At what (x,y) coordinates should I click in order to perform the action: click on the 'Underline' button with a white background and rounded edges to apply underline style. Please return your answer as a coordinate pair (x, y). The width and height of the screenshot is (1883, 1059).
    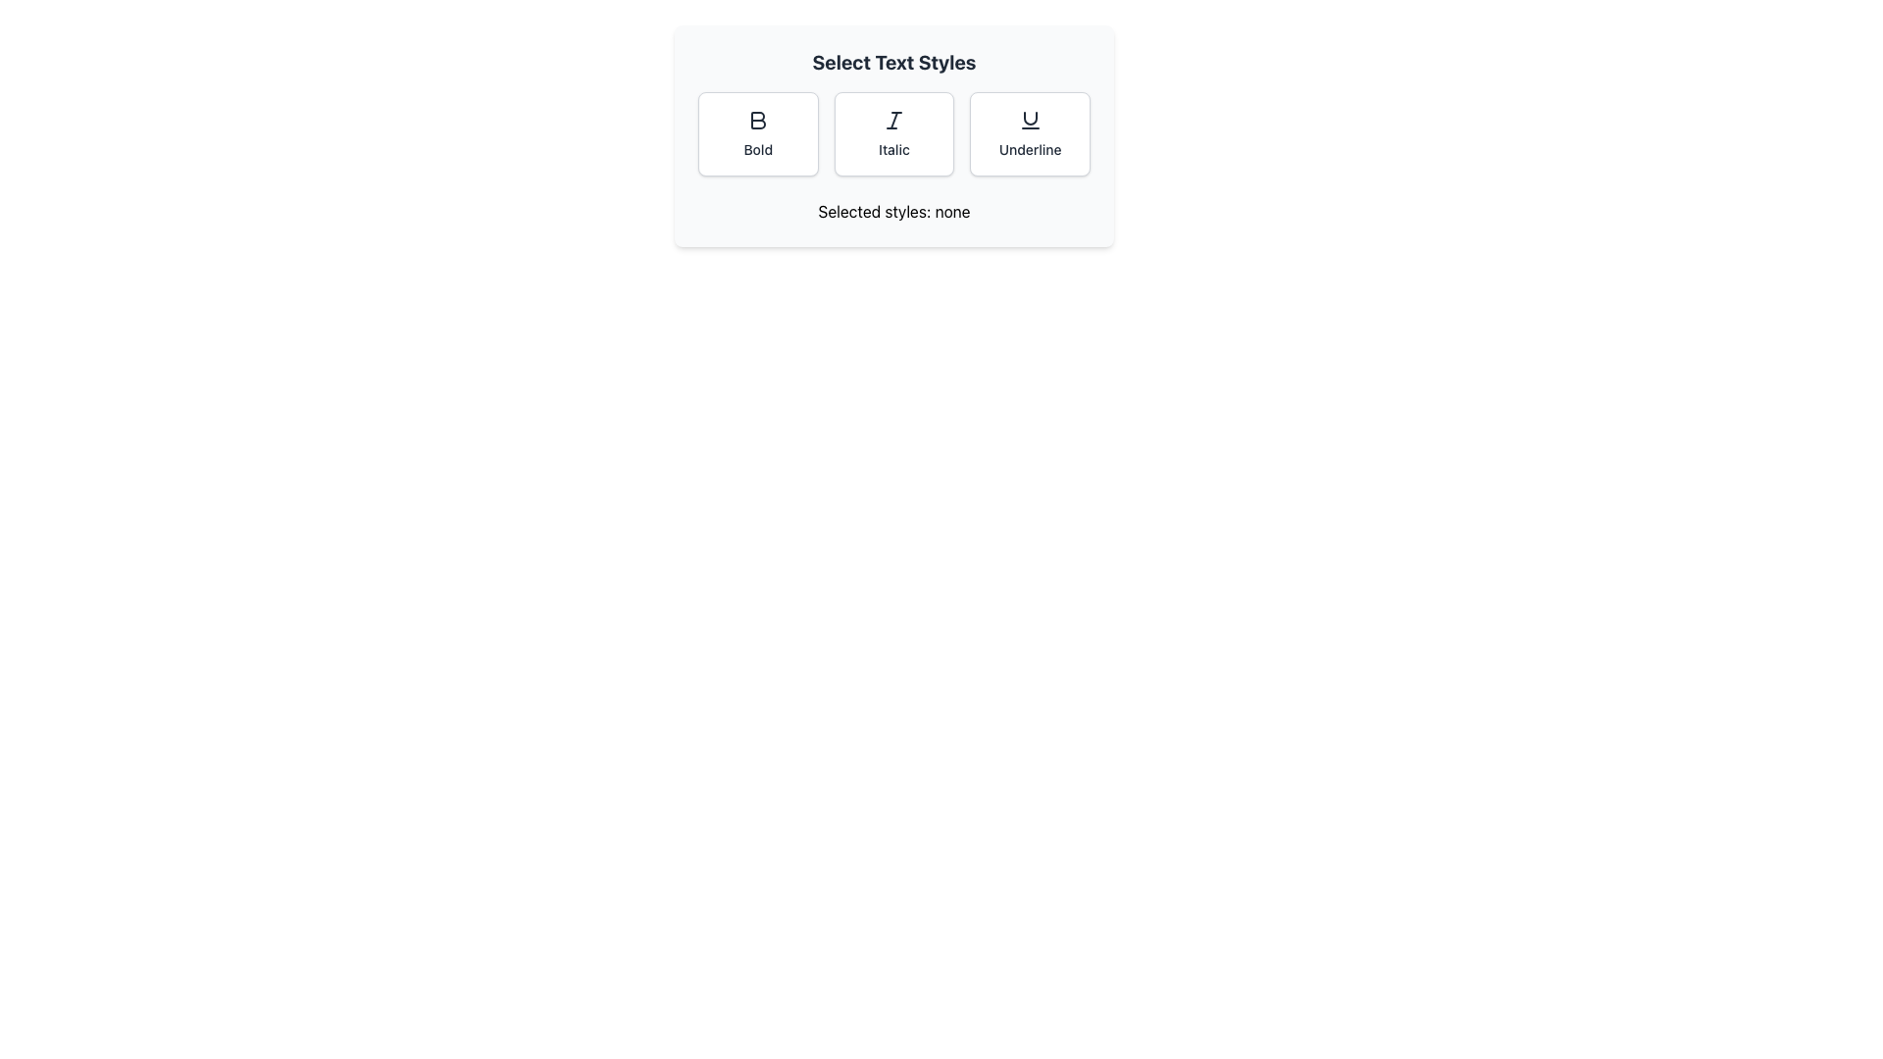
    Looking at the image, I should click on (1029, 133).